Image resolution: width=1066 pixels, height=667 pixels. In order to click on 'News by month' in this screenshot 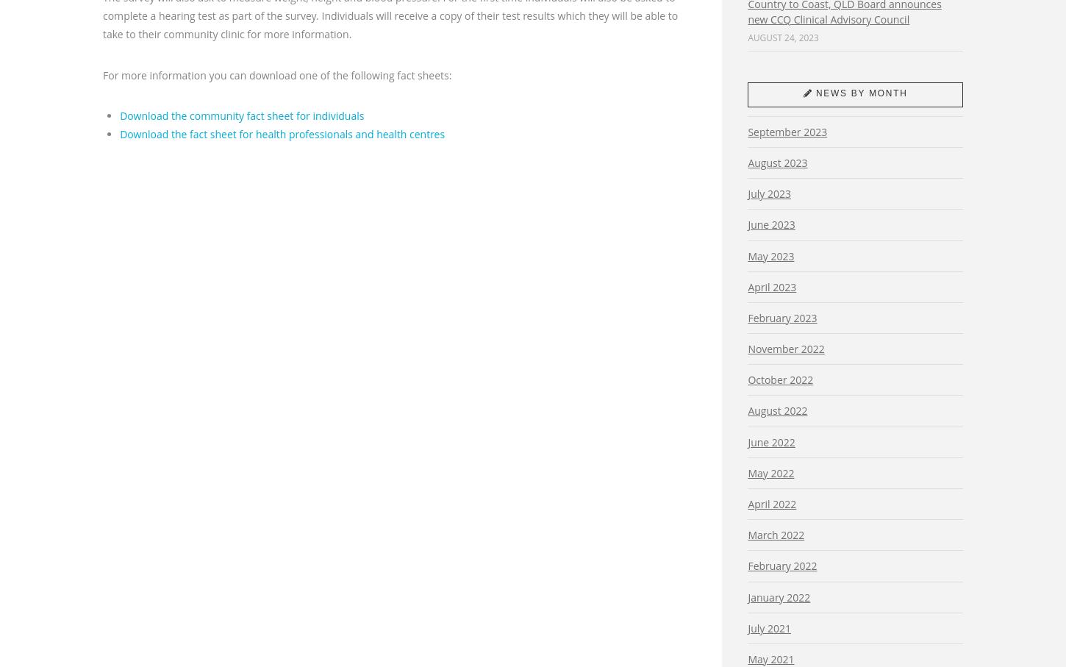, I will do `click(860, 93)`.